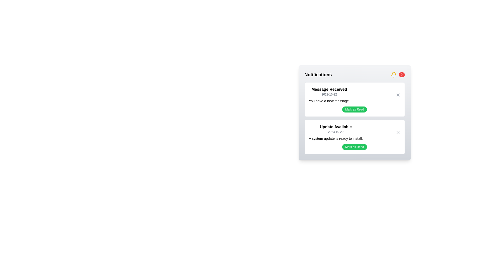 This screenshot has height=270, width=481. Describe the element at coordinates (398, 95) in the screenshot. I see `the Close Icon, which appears as an 'X' in the top-right corner of the notification card` at that location.